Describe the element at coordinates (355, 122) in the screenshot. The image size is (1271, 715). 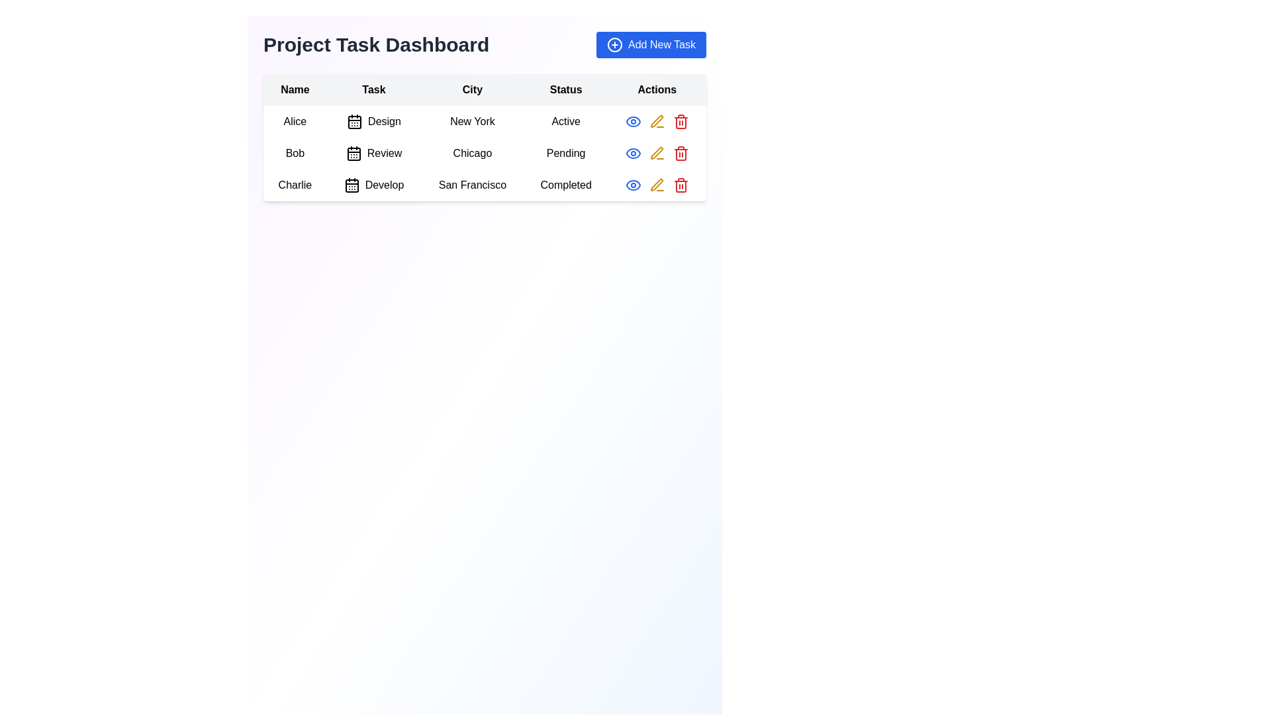
I see `the icon in the 'Task' column of the first row` at that location.